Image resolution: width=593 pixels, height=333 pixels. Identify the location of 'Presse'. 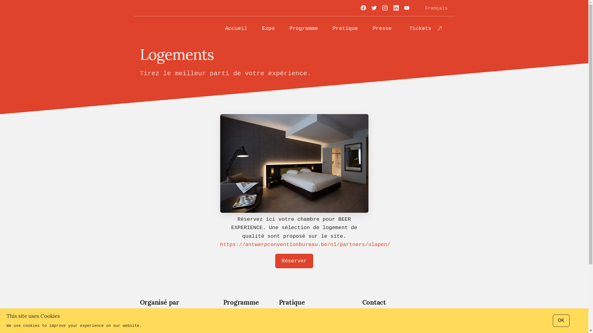
(365, 28).